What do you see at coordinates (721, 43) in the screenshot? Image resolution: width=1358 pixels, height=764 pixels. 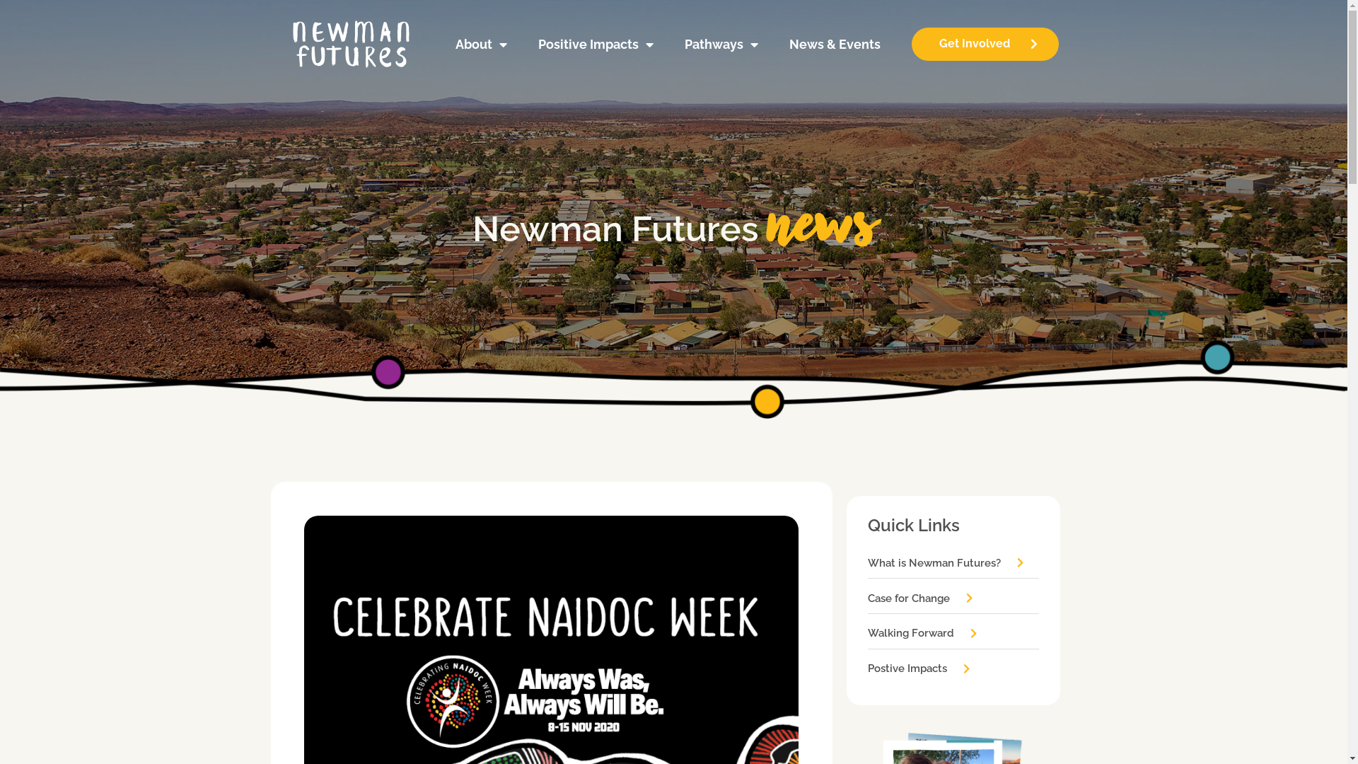 I see `'Pathways'` at bounding box center [721, 43].